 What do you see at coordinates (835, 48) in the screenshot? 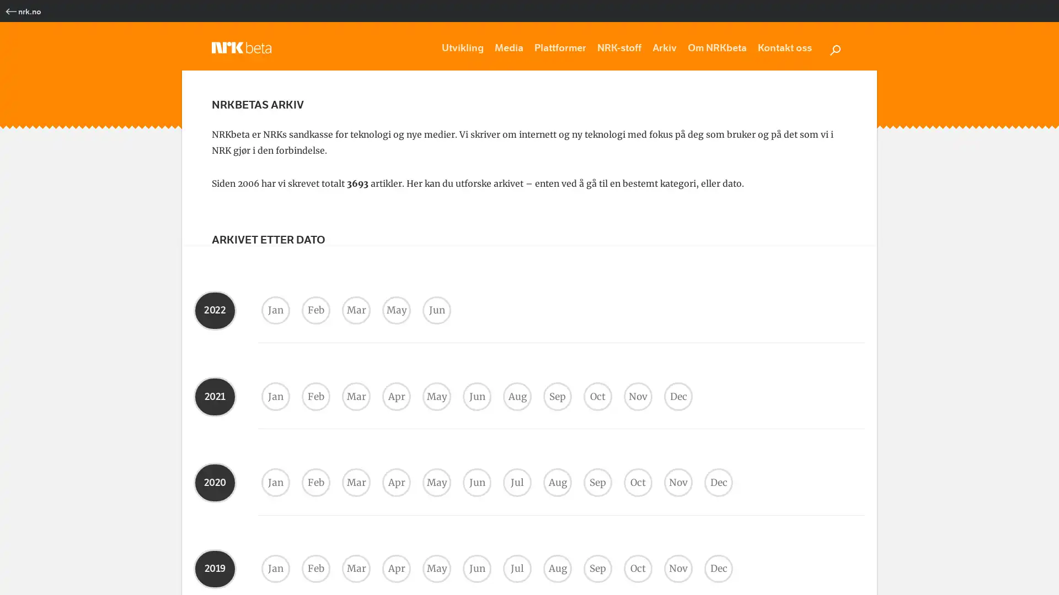
I see `Apne sk` at bounding box center [835, 48].